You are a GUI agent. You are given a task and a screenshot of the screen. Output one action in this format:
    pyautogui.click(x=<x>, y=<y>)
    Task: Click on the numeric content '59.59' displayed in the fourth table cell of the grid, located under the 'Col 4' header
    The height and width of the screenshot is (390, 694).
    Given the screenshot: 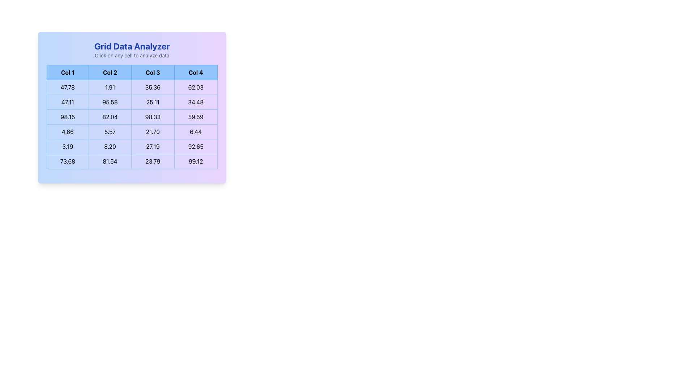 What is the action you would take?
    pyautogui.click(x=196, y=117)
    